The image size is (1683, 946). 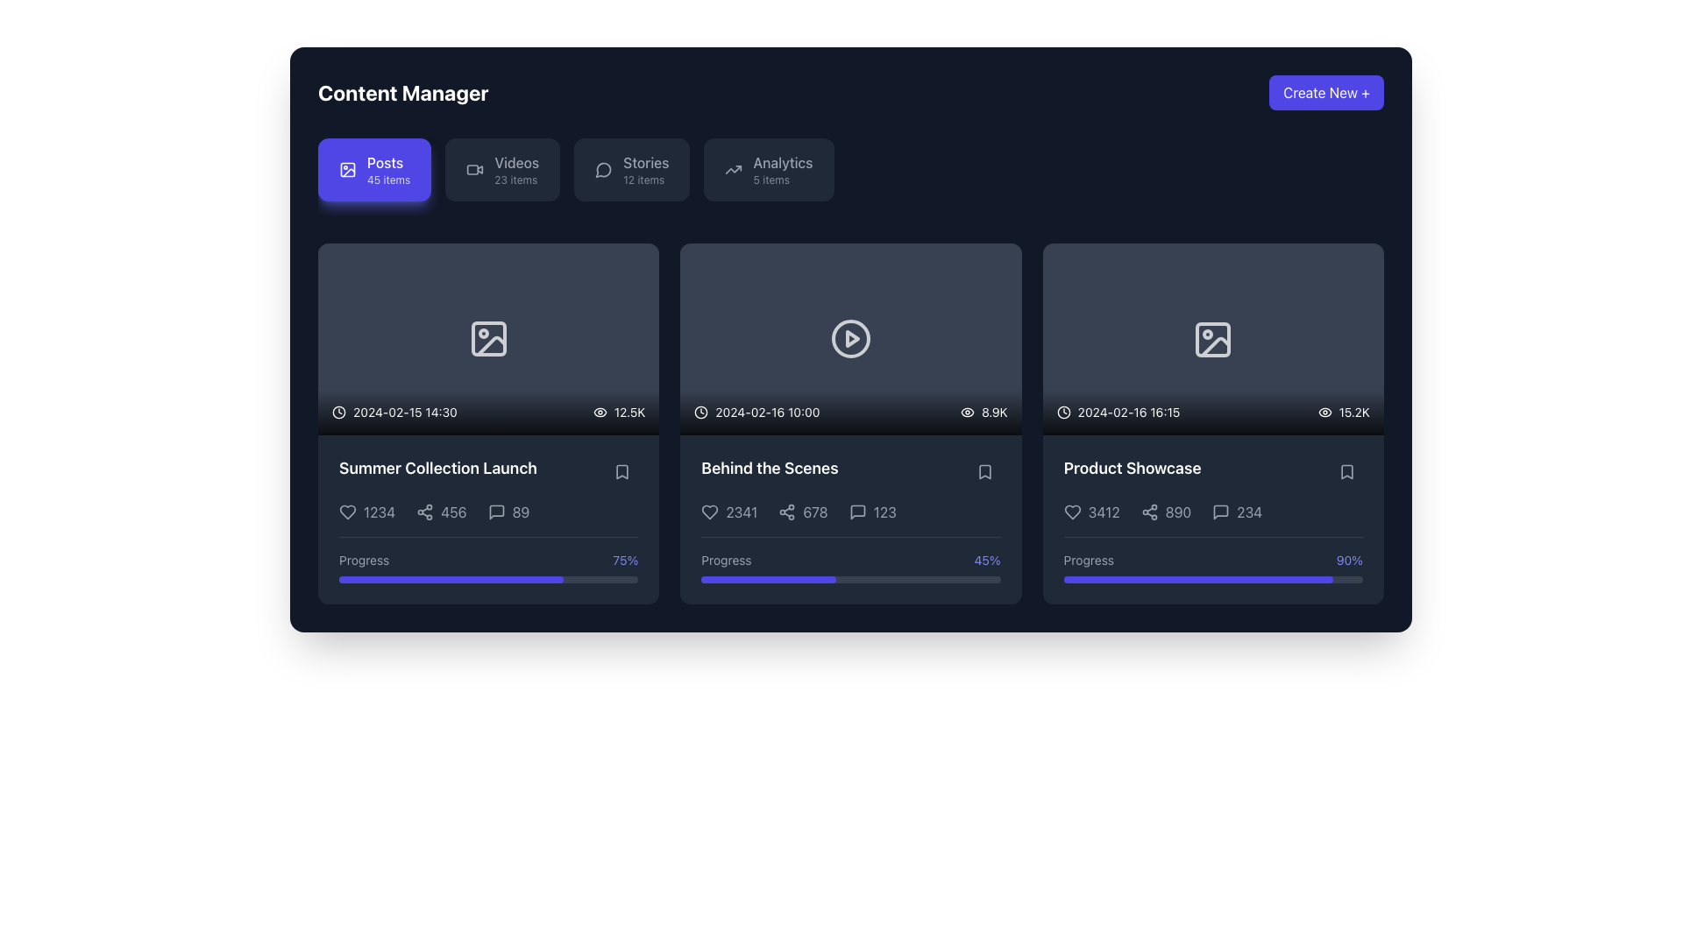 I want to click on the small speech bubble icon representing comments, which is positioned next to the numerical value '123' in the 'Behind the Scenes' card, so click(x=850, y=519).